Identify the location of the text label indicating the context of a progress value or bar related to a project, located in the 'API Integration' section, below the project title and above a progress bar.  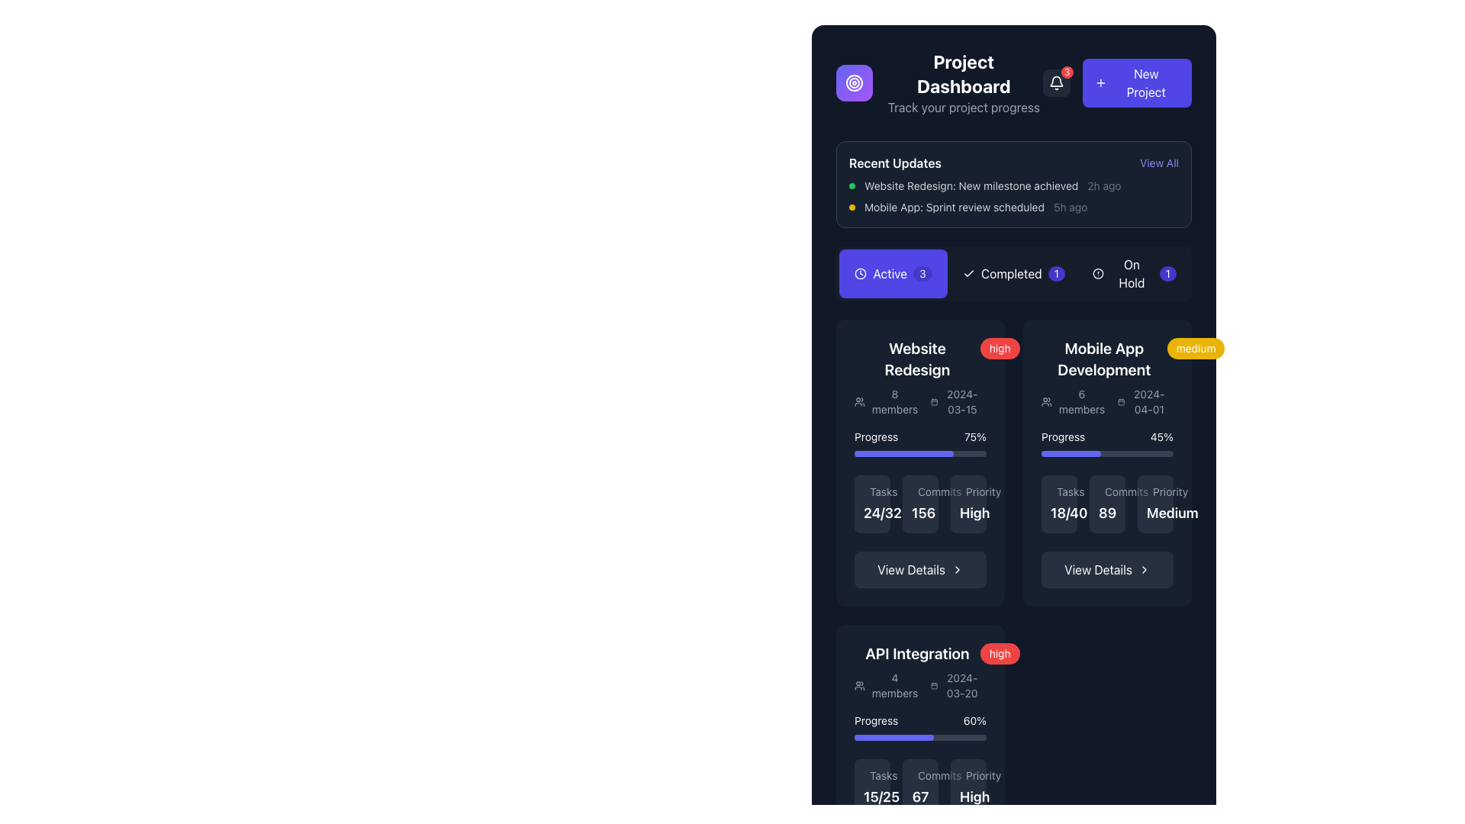
(876, 721).